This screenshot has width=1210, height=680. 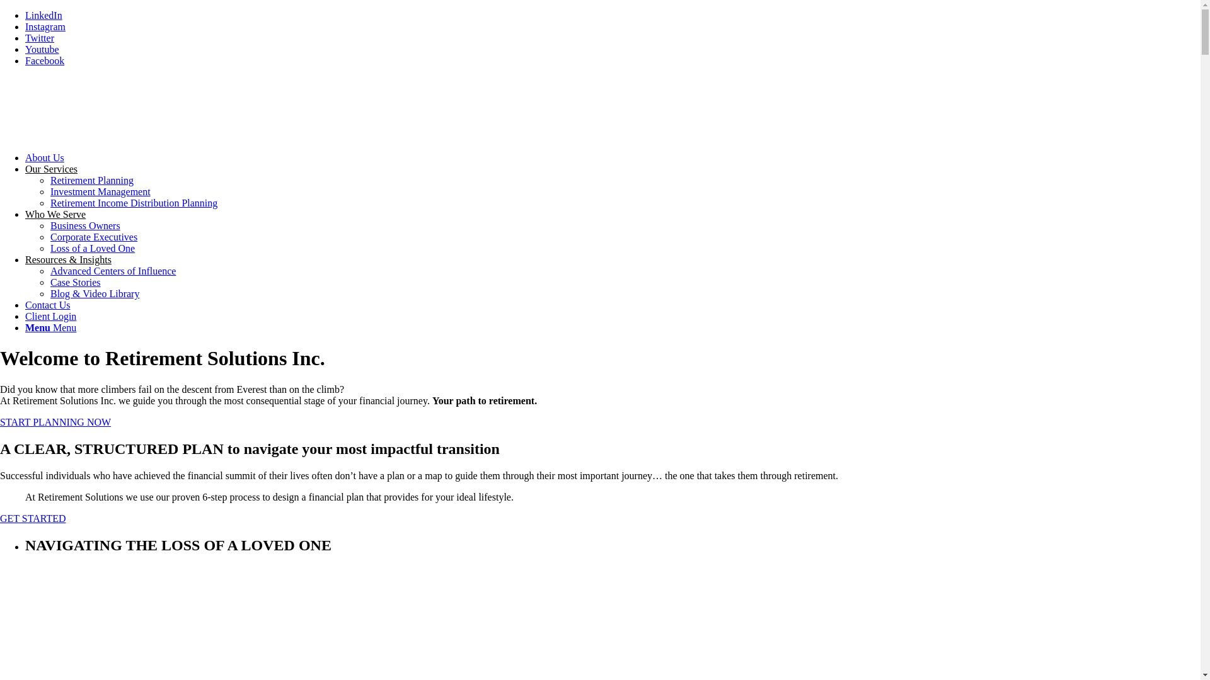 What do you see at coordinates (50, 180) in the screenshot?
I see `'Retirement Planning'` at bounding box center [50, 180].